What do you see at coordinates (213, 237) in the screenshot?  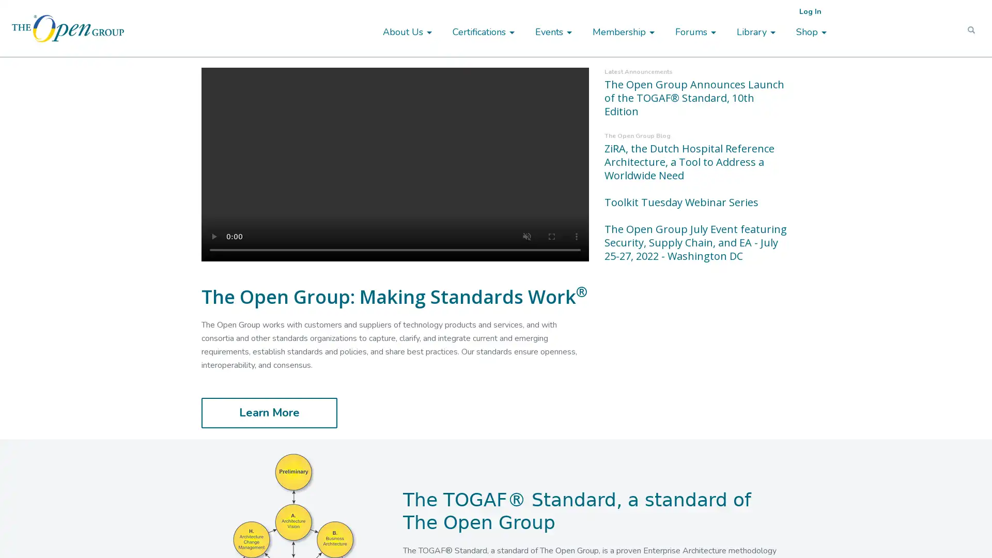 I see `play` at bounding box center [213, 237].